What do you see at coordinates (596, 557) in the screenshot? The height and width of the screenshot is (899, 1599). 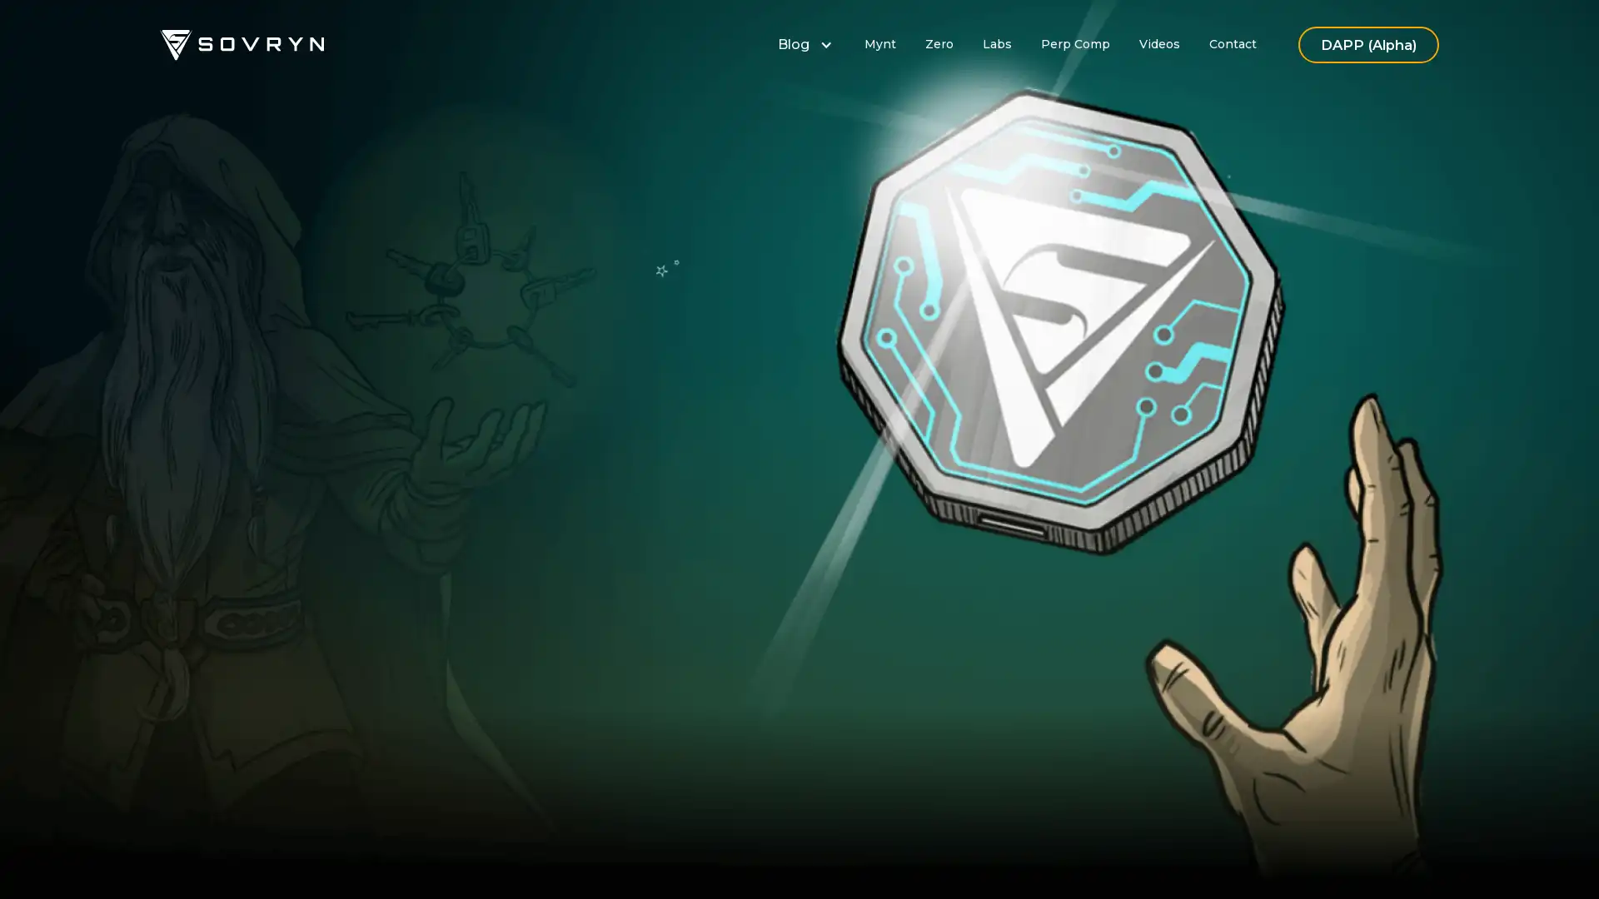 I see `Sign me up!` at bounding box center [596, 557].